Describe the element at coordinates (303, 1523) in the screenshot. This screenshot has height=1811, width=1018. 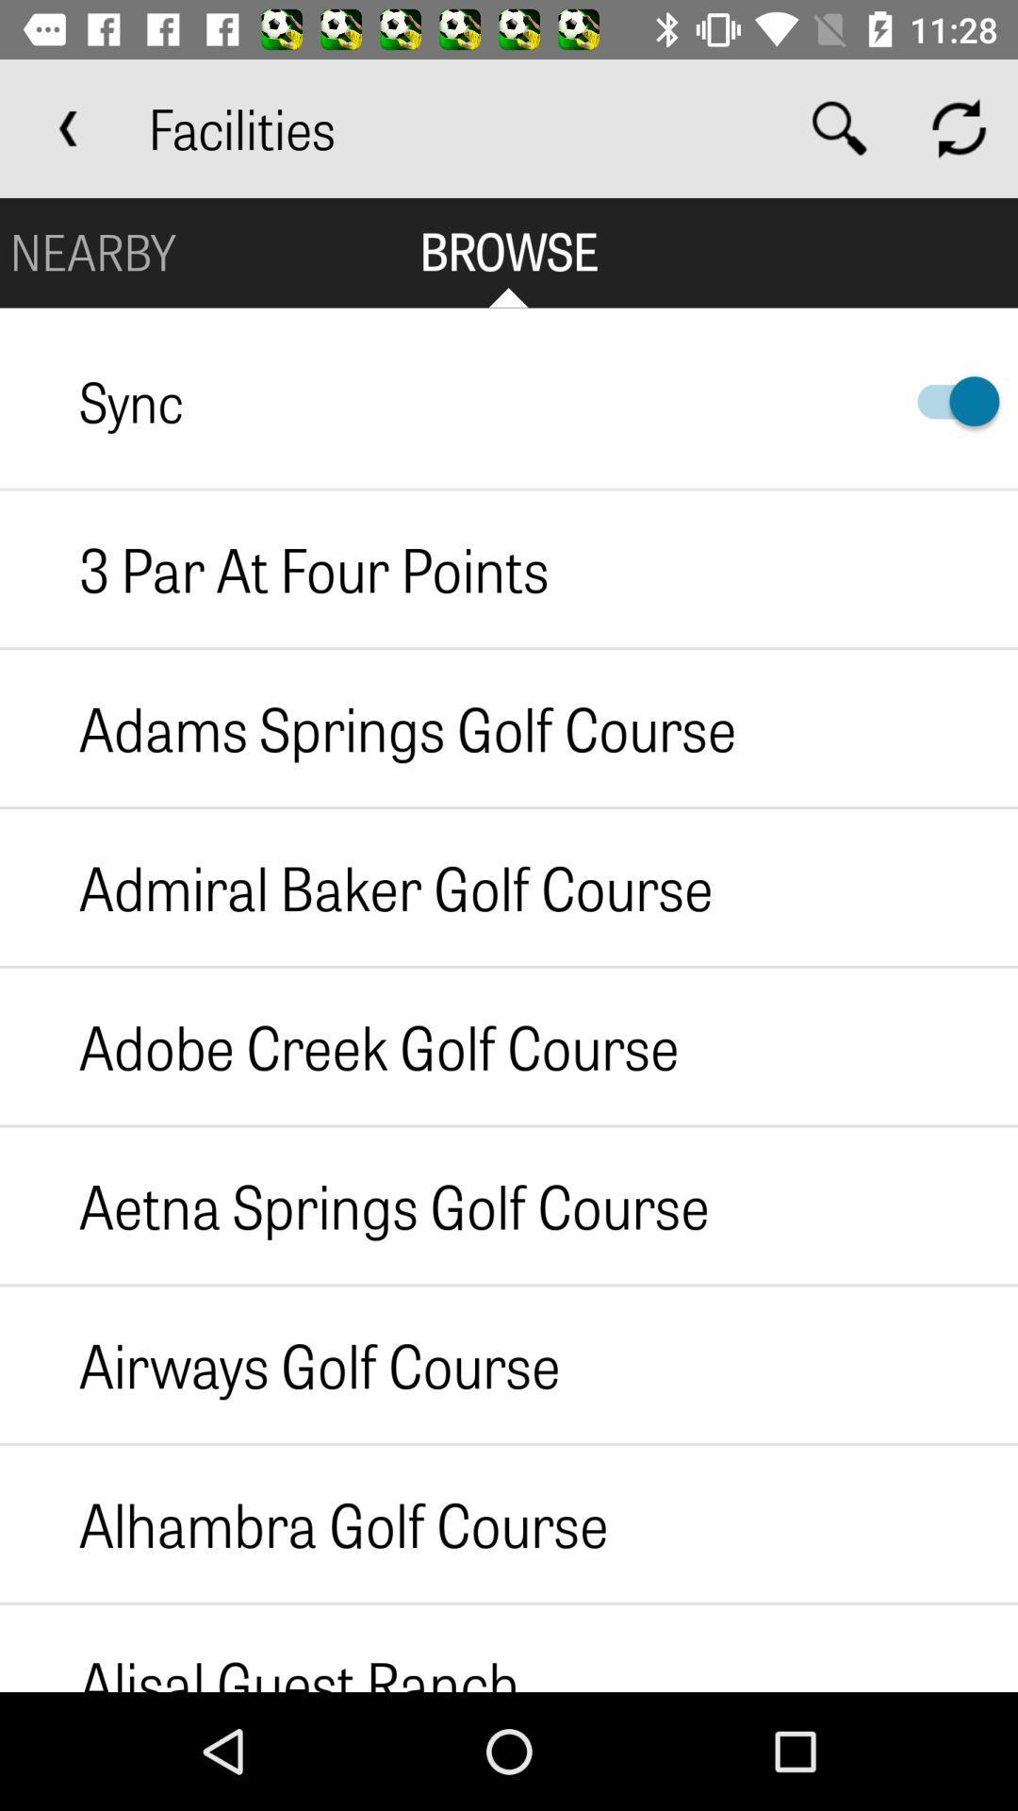
I see `alhambra golf course` at that location.